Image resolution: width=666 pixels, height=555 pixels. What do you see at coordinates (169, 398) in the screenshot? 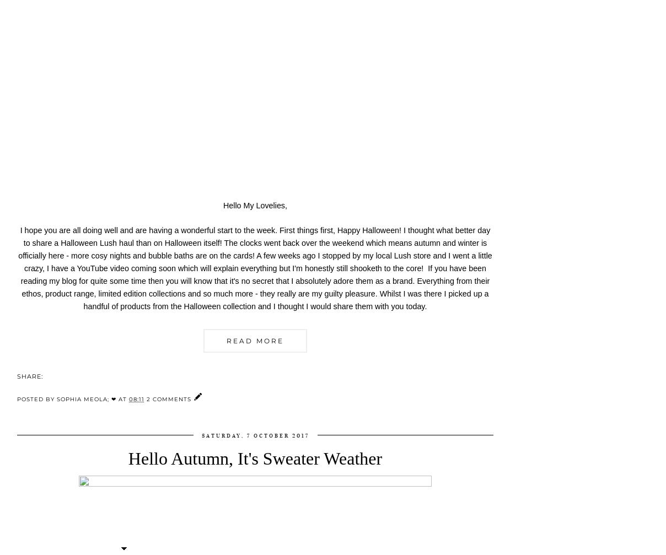
I see `'2 comments'` at bounding box center [169, 398].